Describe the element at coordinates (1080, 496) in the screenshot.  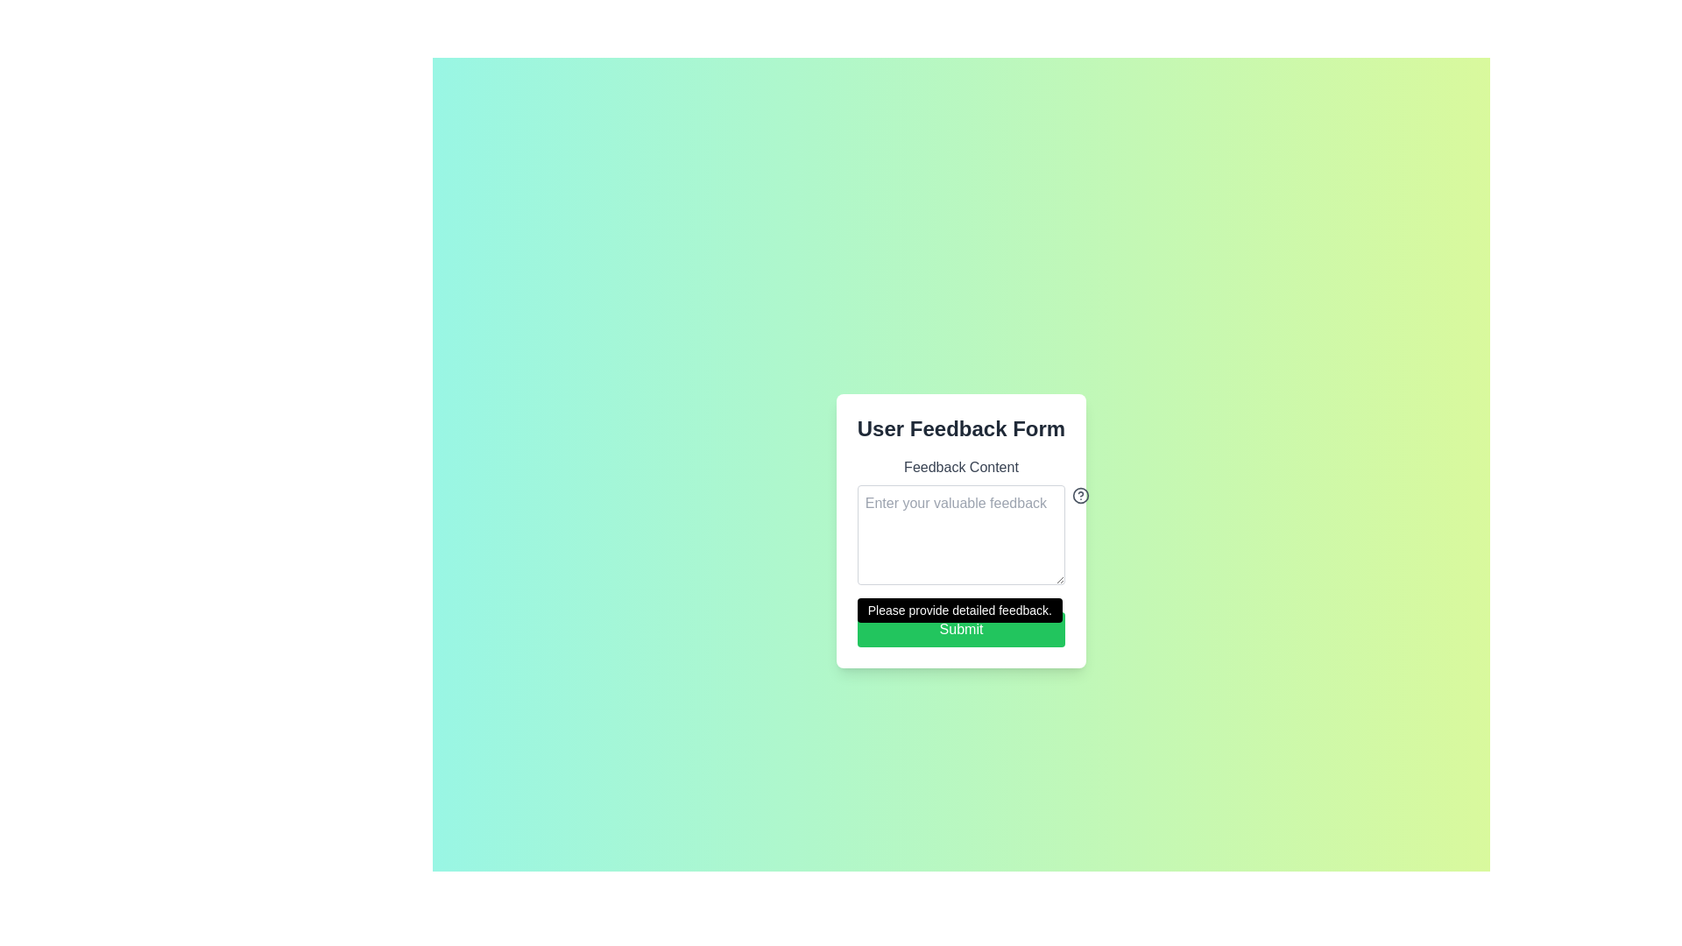
I see `the circular portion of the inline help icon located to the right of the input field in the feedback form` at that location.